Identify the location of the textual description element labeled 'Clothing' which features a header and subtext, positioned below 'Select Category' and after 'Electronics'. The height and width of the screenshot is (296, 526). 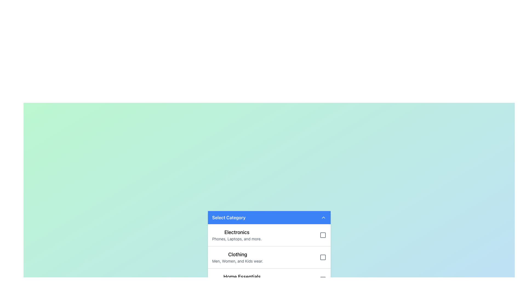
(238, 257).